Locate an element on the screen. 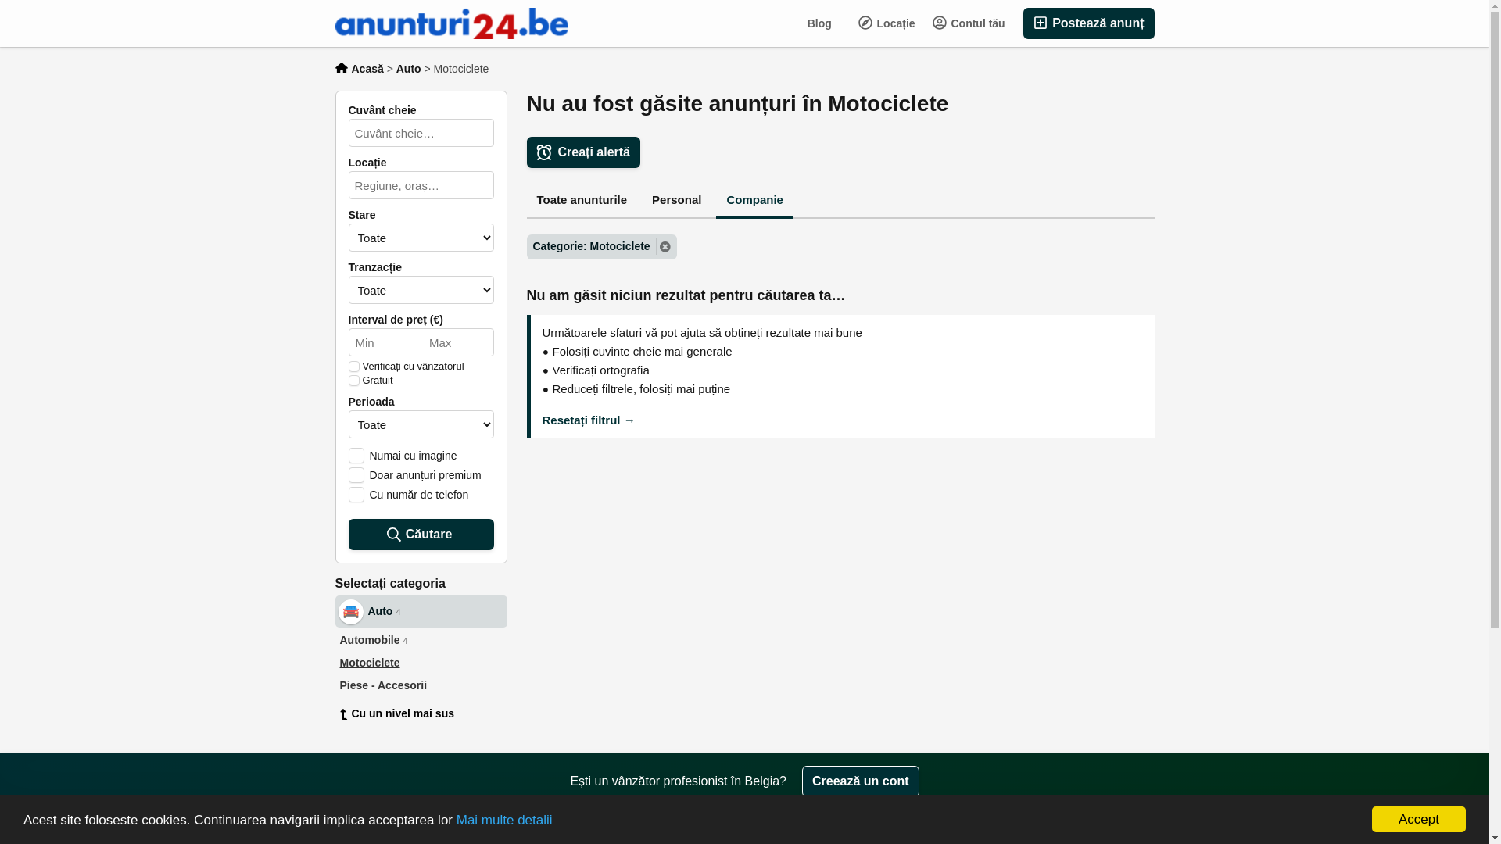  'Blog' is located at coordinates (819, 23).